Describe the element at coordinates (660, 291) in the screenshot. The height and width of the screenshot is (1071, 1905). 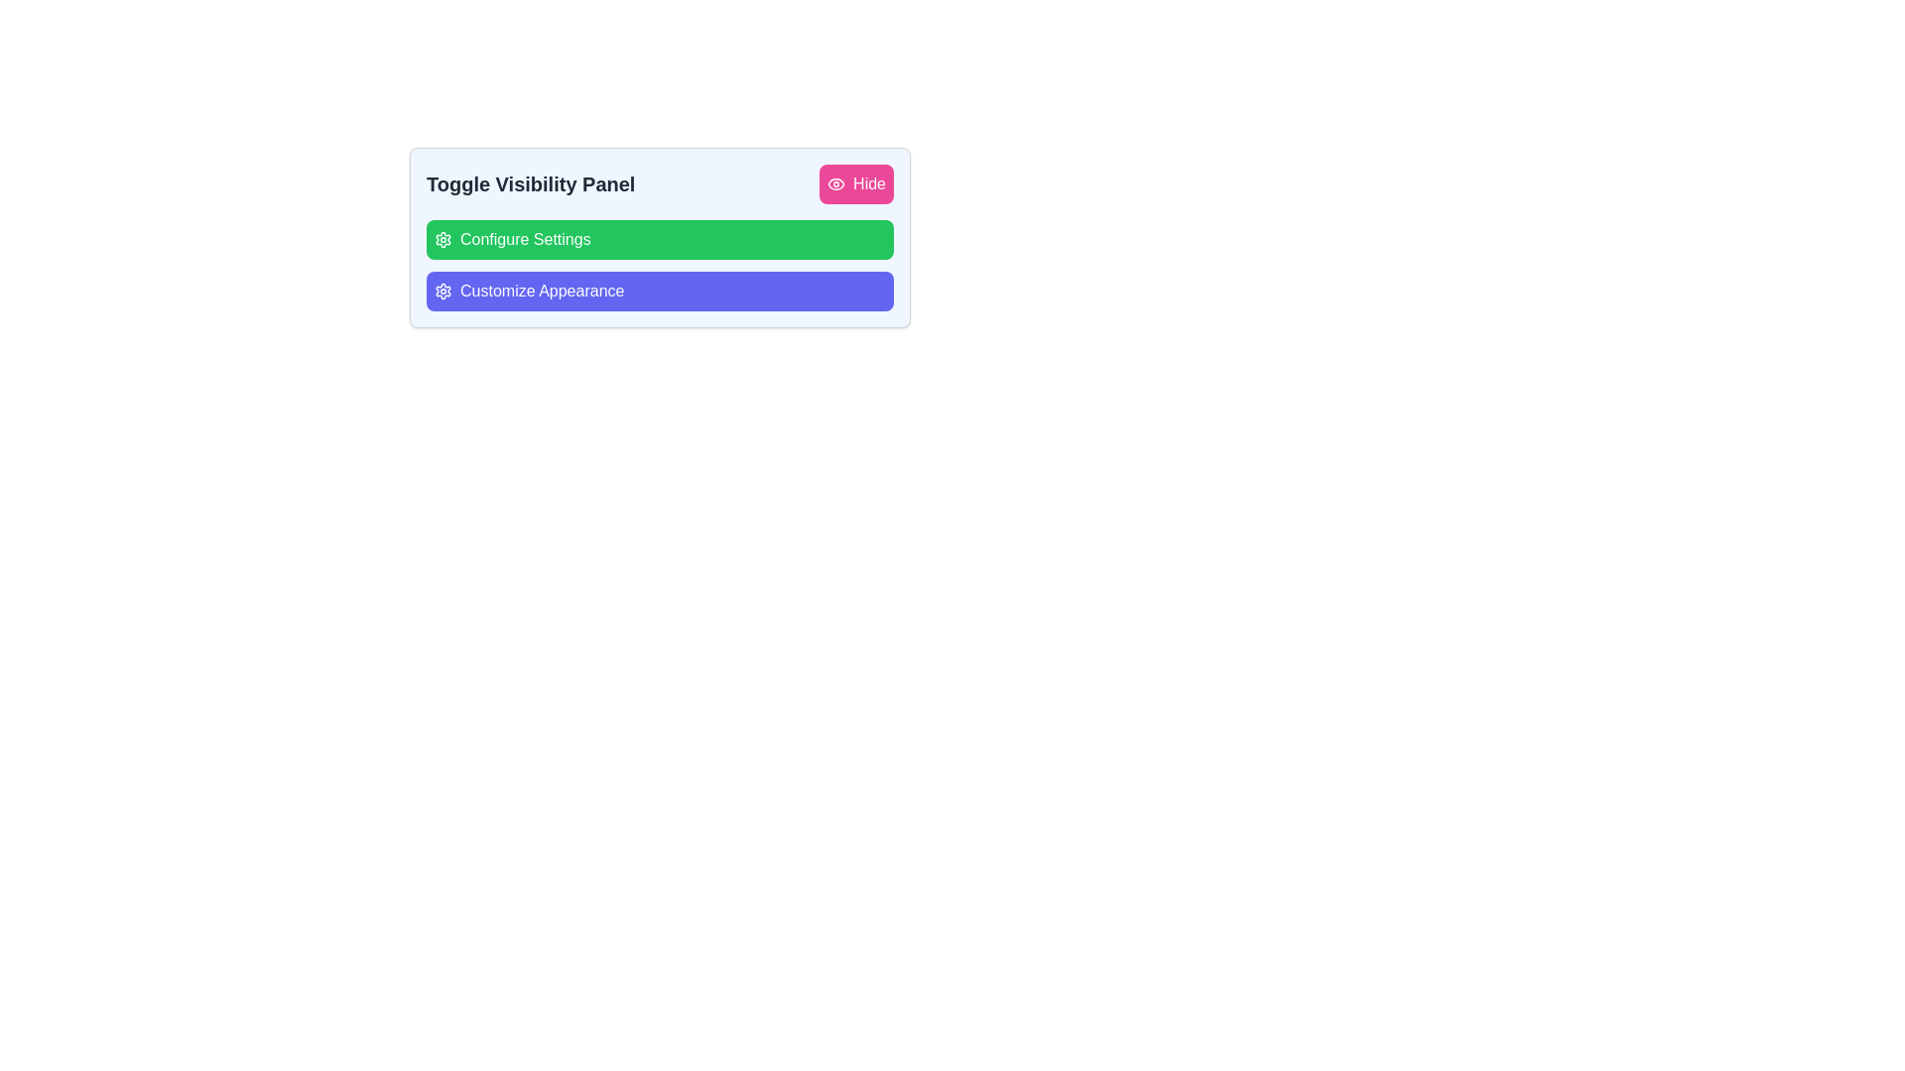
I see `the second button in the vertically stacked group beneath the 'Configure Settings' button` at that location.